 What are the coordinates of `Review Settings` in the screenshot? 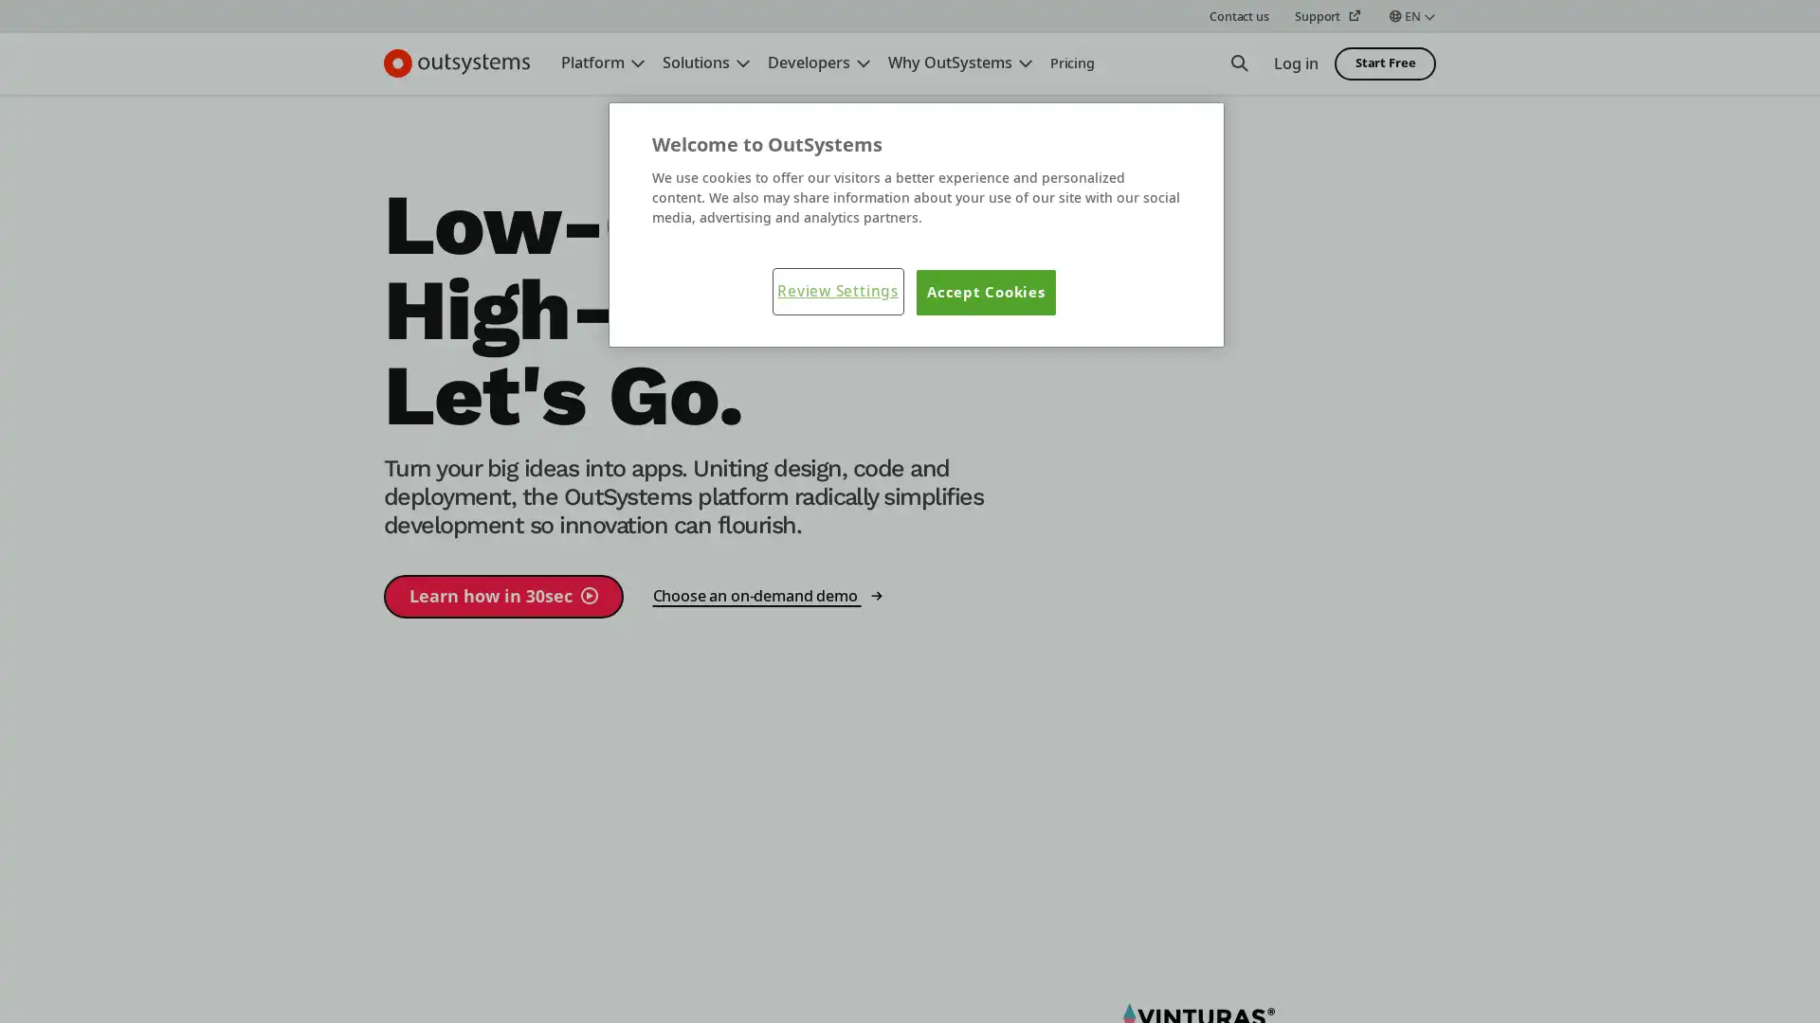 It's located at (836, 291).